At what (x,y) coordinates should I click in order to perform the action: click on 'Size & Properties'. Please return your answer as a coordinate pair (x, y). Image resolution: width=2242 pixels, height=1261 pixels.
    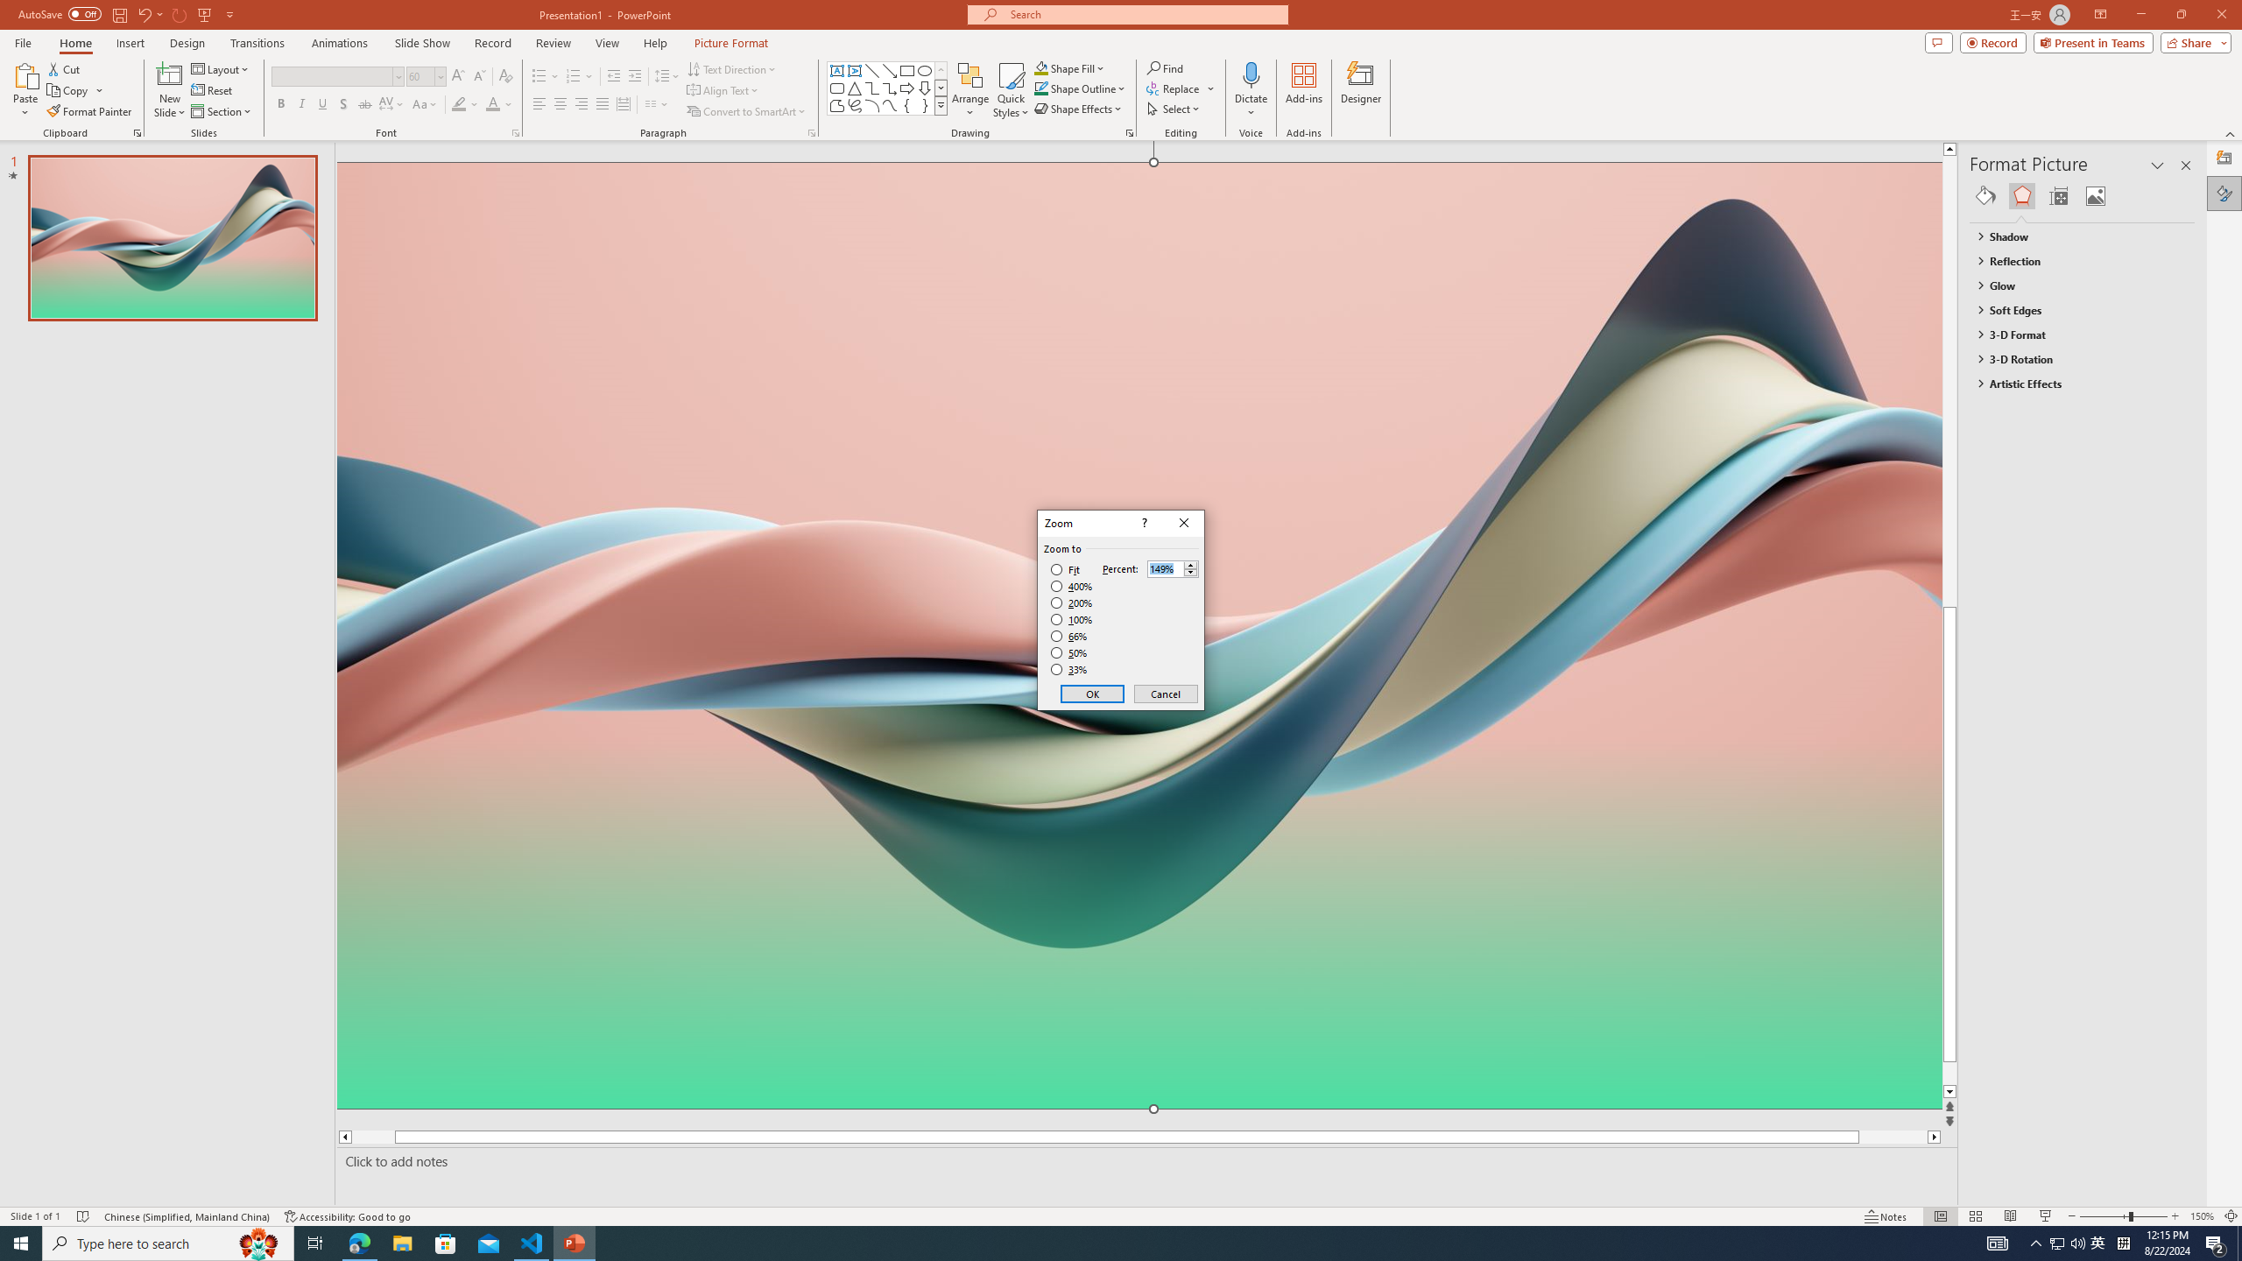
    Looking at the image, I should click on (2059, 194).